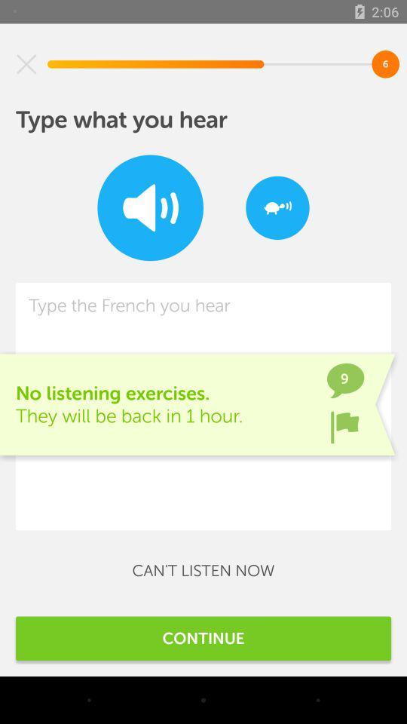  Describe the element at coordinates (344, 427) in the screenshot. I see `the item to the right of the no listening exercises item` at that location.